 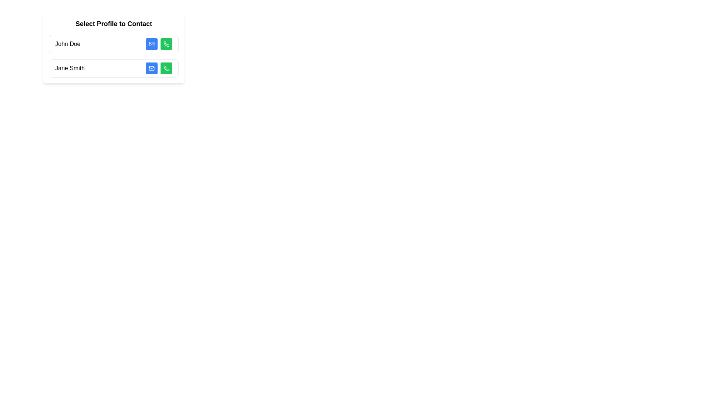 I want to click on the 'Call' icon within the green button located to the right of 'Jane Smith', so click(x=166, y=68).